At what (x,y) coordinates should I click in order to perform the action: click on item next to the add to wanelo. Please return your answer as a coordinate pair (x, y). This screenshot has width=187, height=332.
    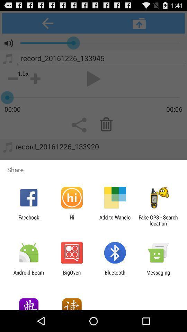
    Looking at the image, I should click on (158, 220).